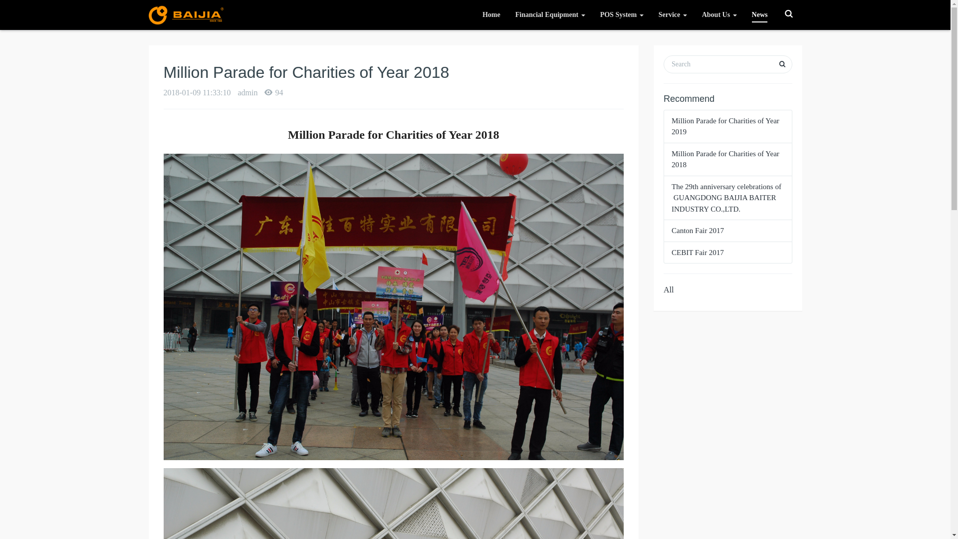 The image size is (958, 539). What do you see at coordinates (759, 15) in the screenshot?
I see `'News'` at bounding box center [759, 15].